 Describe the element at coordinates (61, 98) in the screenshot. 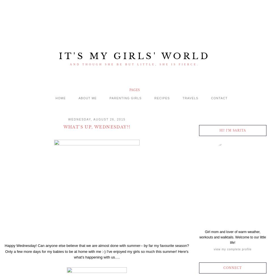

I see `'Home'` at that location.